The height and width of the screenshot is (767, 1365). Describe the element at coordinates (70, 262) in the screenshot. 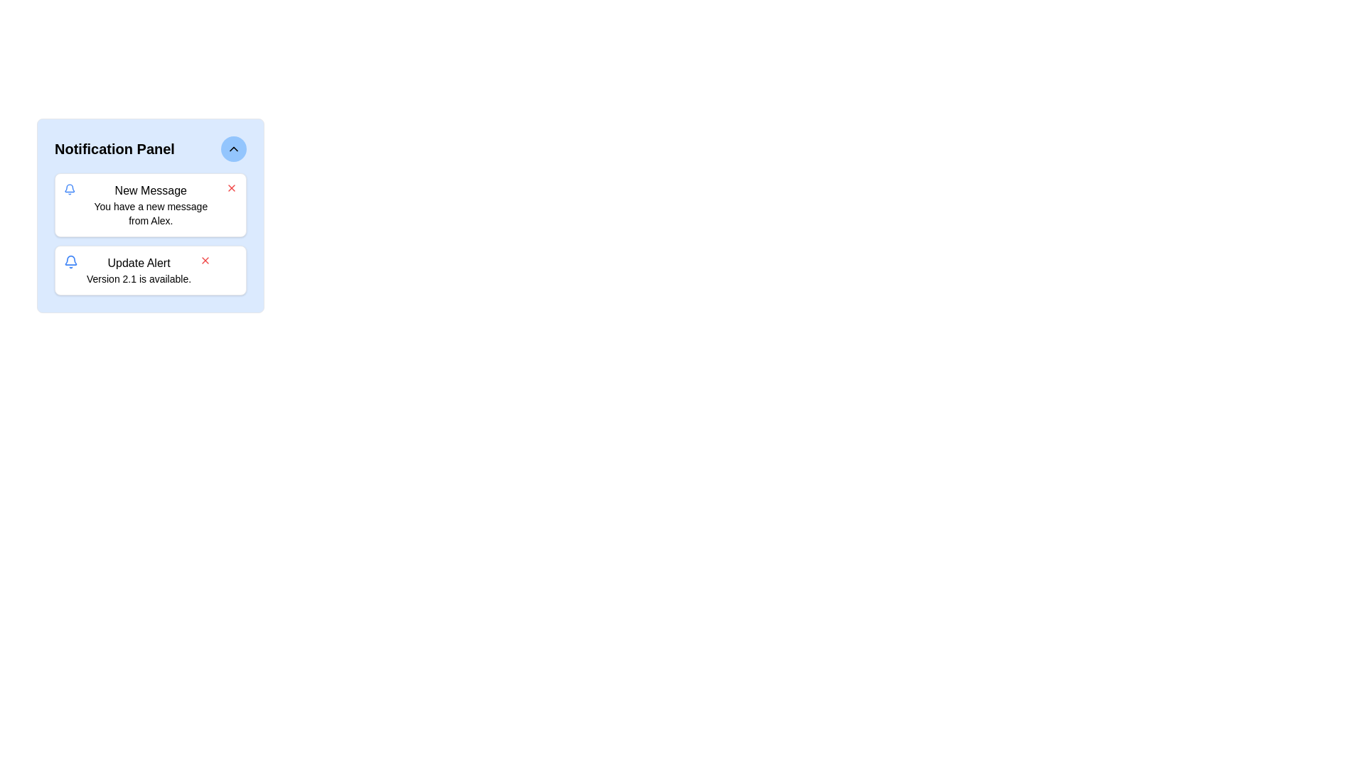

I see `the bell icon that serves as a notification indicator for updates or alerts, located to the left of the 'Update Alert' text` at that location.